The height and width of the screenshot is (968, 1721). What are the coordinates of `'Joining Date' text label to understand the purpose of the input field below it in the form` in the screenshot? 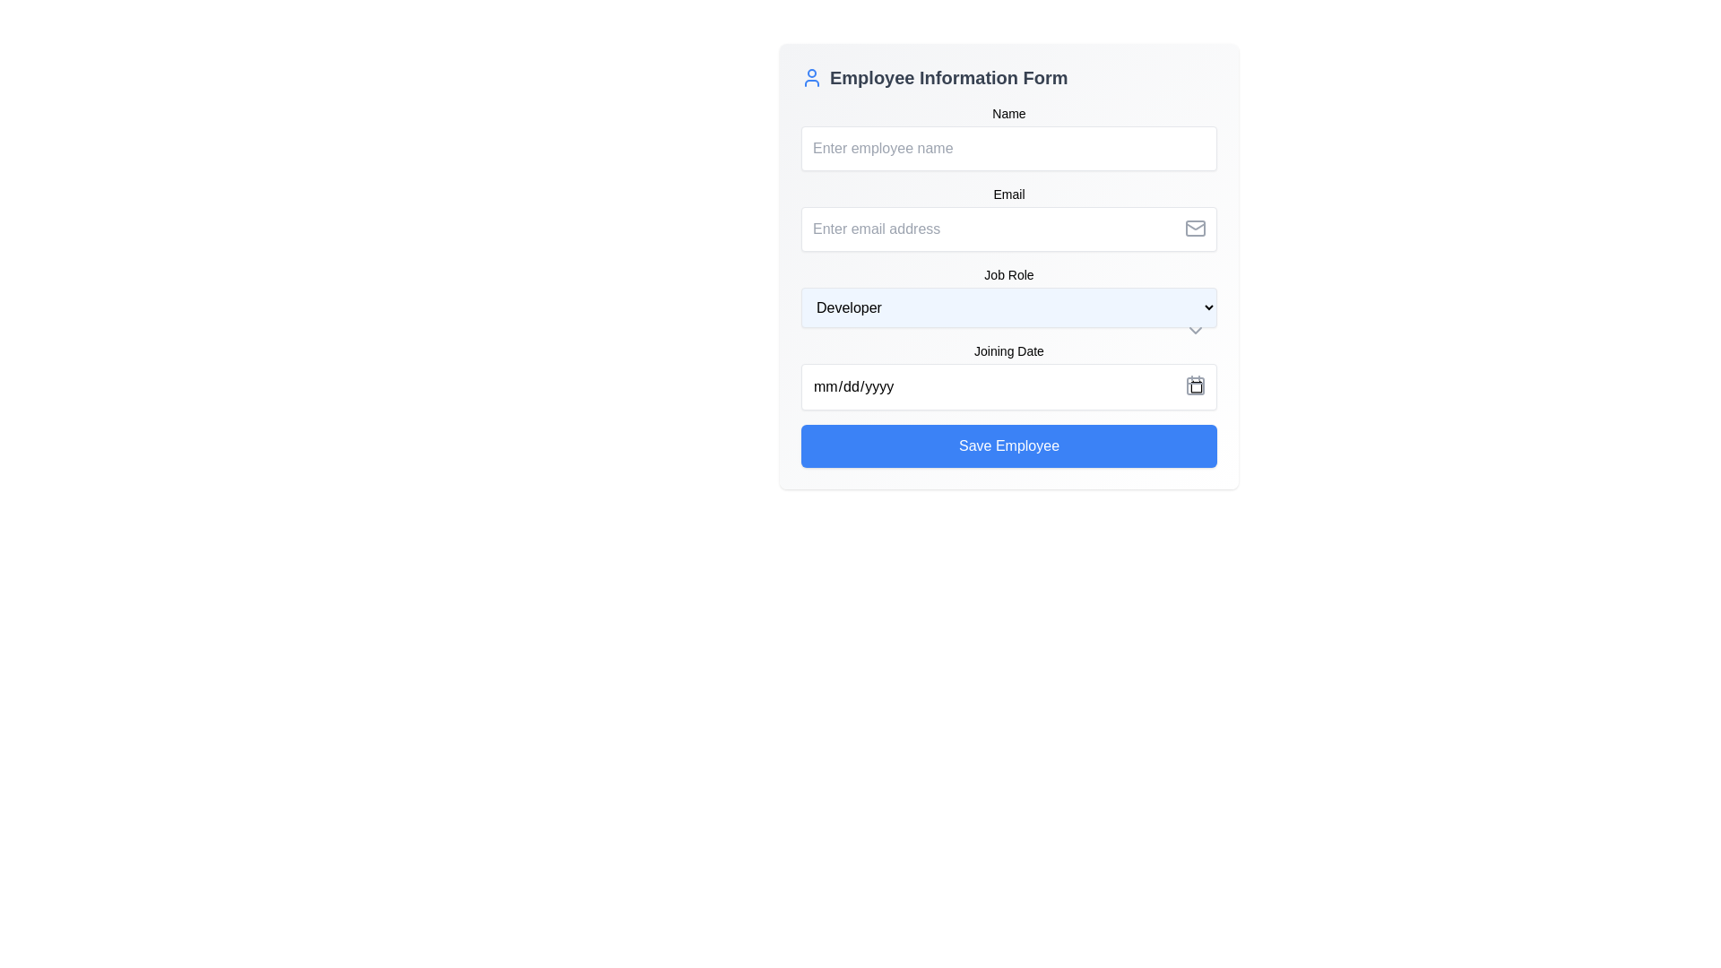 It's located at (1009, 351).